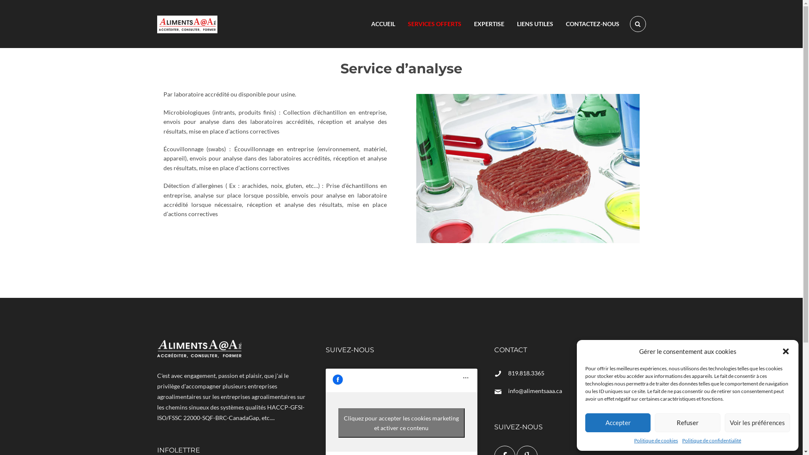 The image size is (809, 455). Describe the element at coordinates (434, 24) in the screenshot. I see `'SERVICES OFFERTS'` at that location.